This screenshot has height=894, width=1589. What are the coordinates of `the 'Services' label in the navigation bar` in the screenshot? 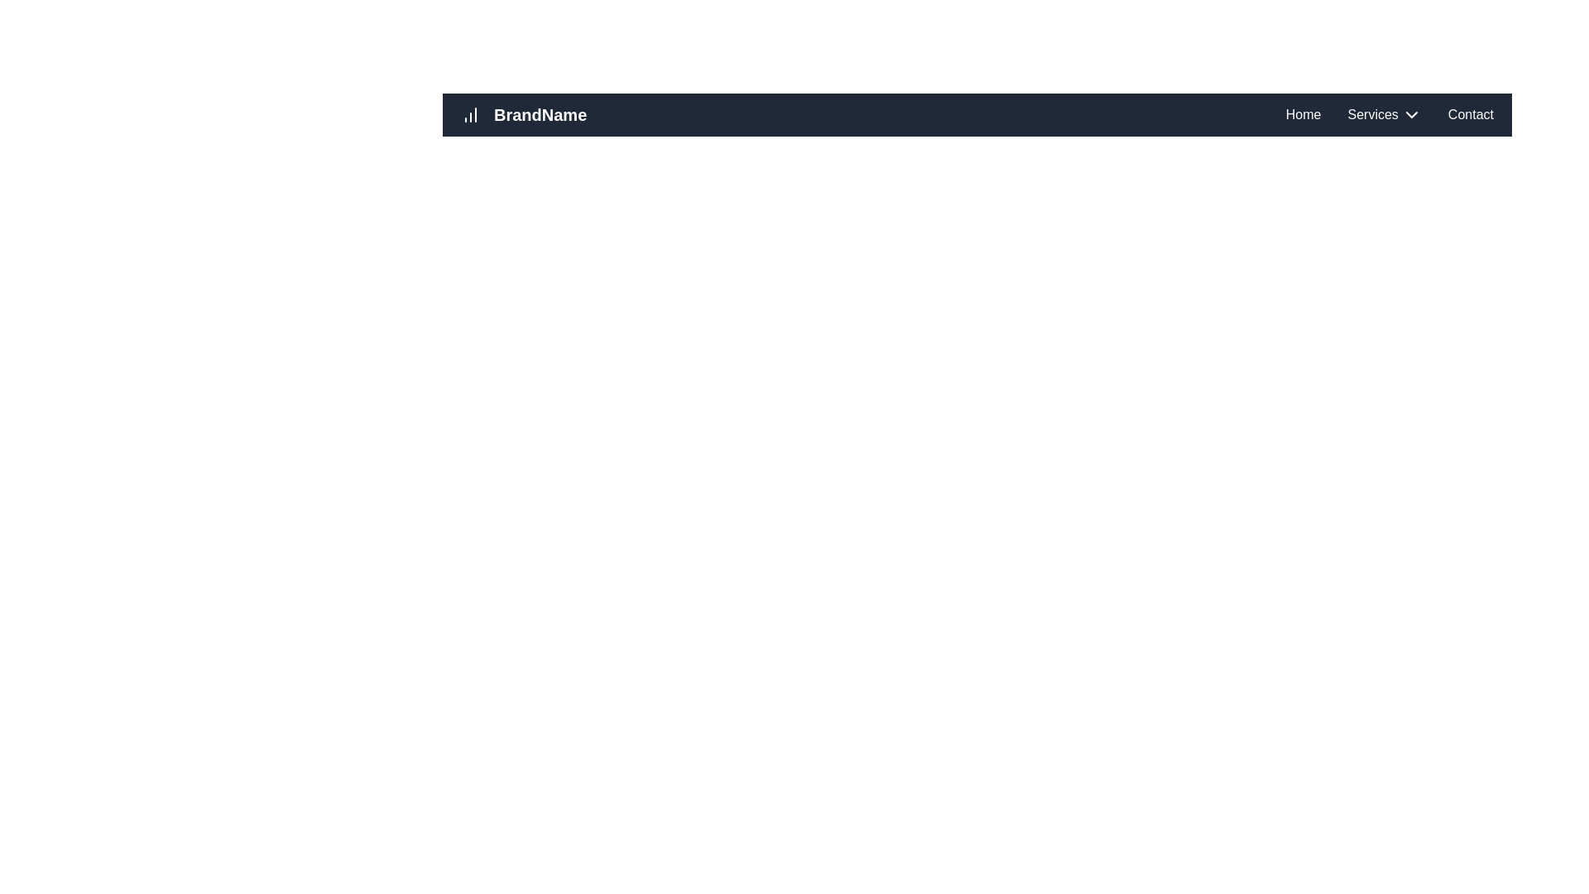 It's located at (1390, 113).